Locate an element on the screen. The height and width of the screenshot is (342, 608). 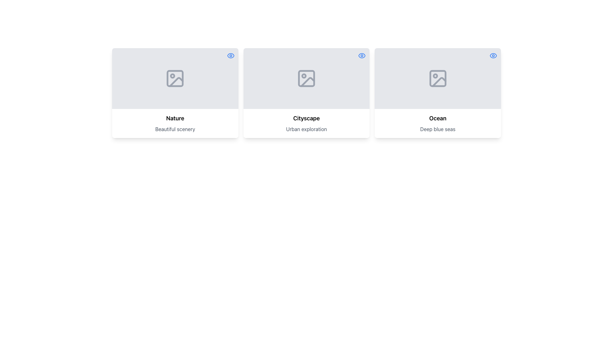
the icon that visually represents the topic 'Nature' in the first card from the left, positioned above the title and subtitle is located at coordinates (175, 78).